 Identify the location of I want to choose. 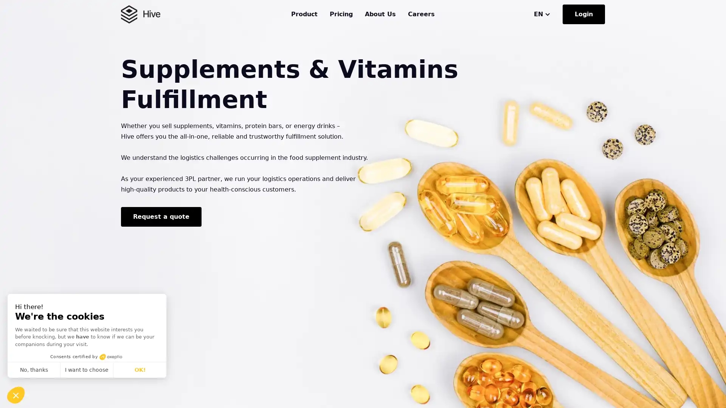
(87, 369).